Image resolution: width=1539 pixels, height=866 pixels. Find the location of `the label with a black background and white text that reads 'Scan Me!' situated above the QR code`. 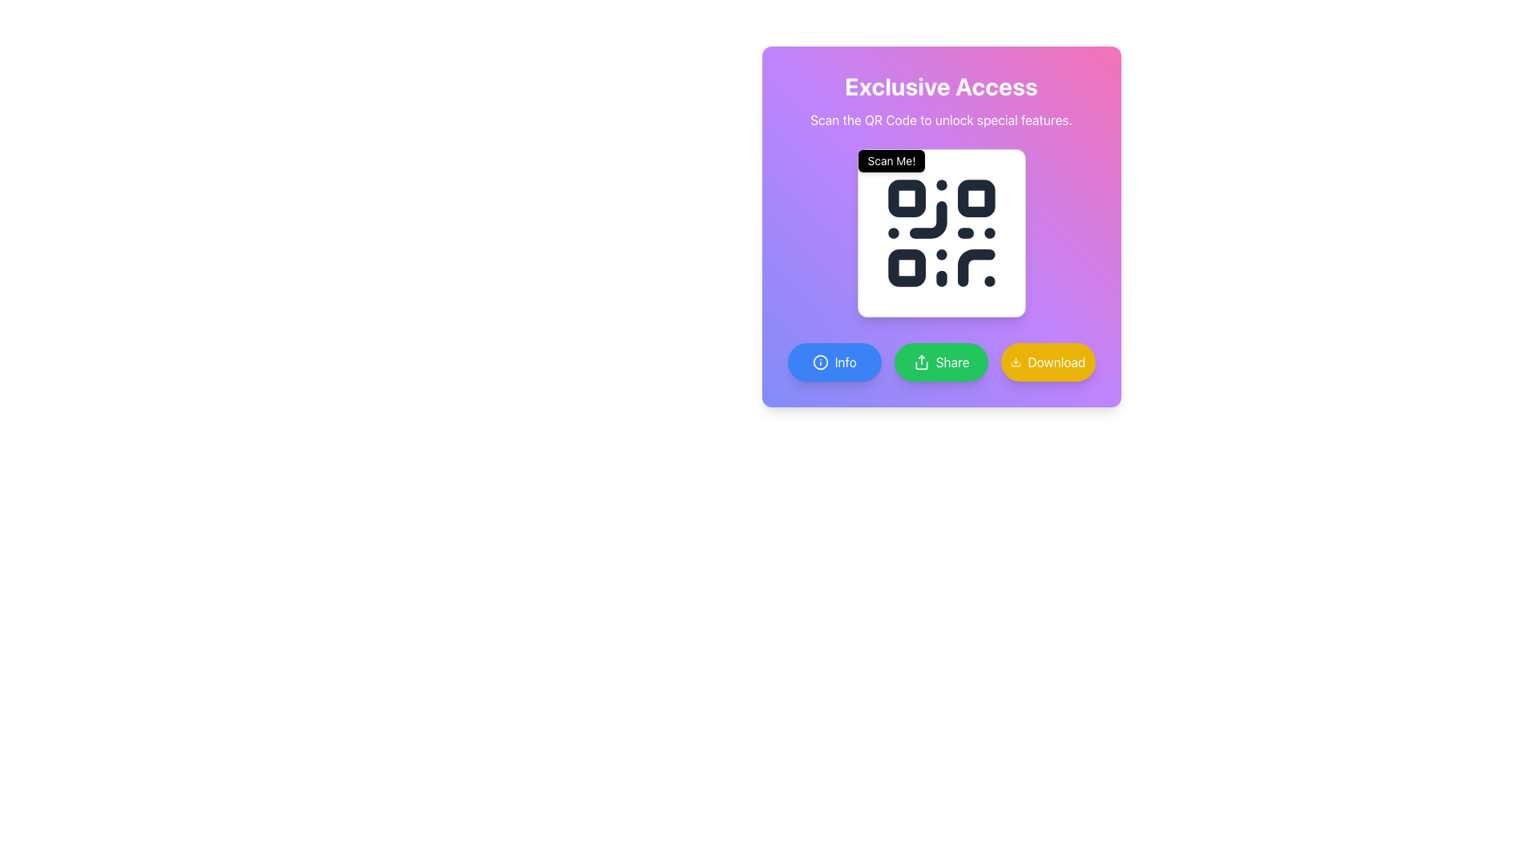

the label with a black background and white text that reads 'Scan Me!' situated above the QR code is located at coordinates (891, 160).